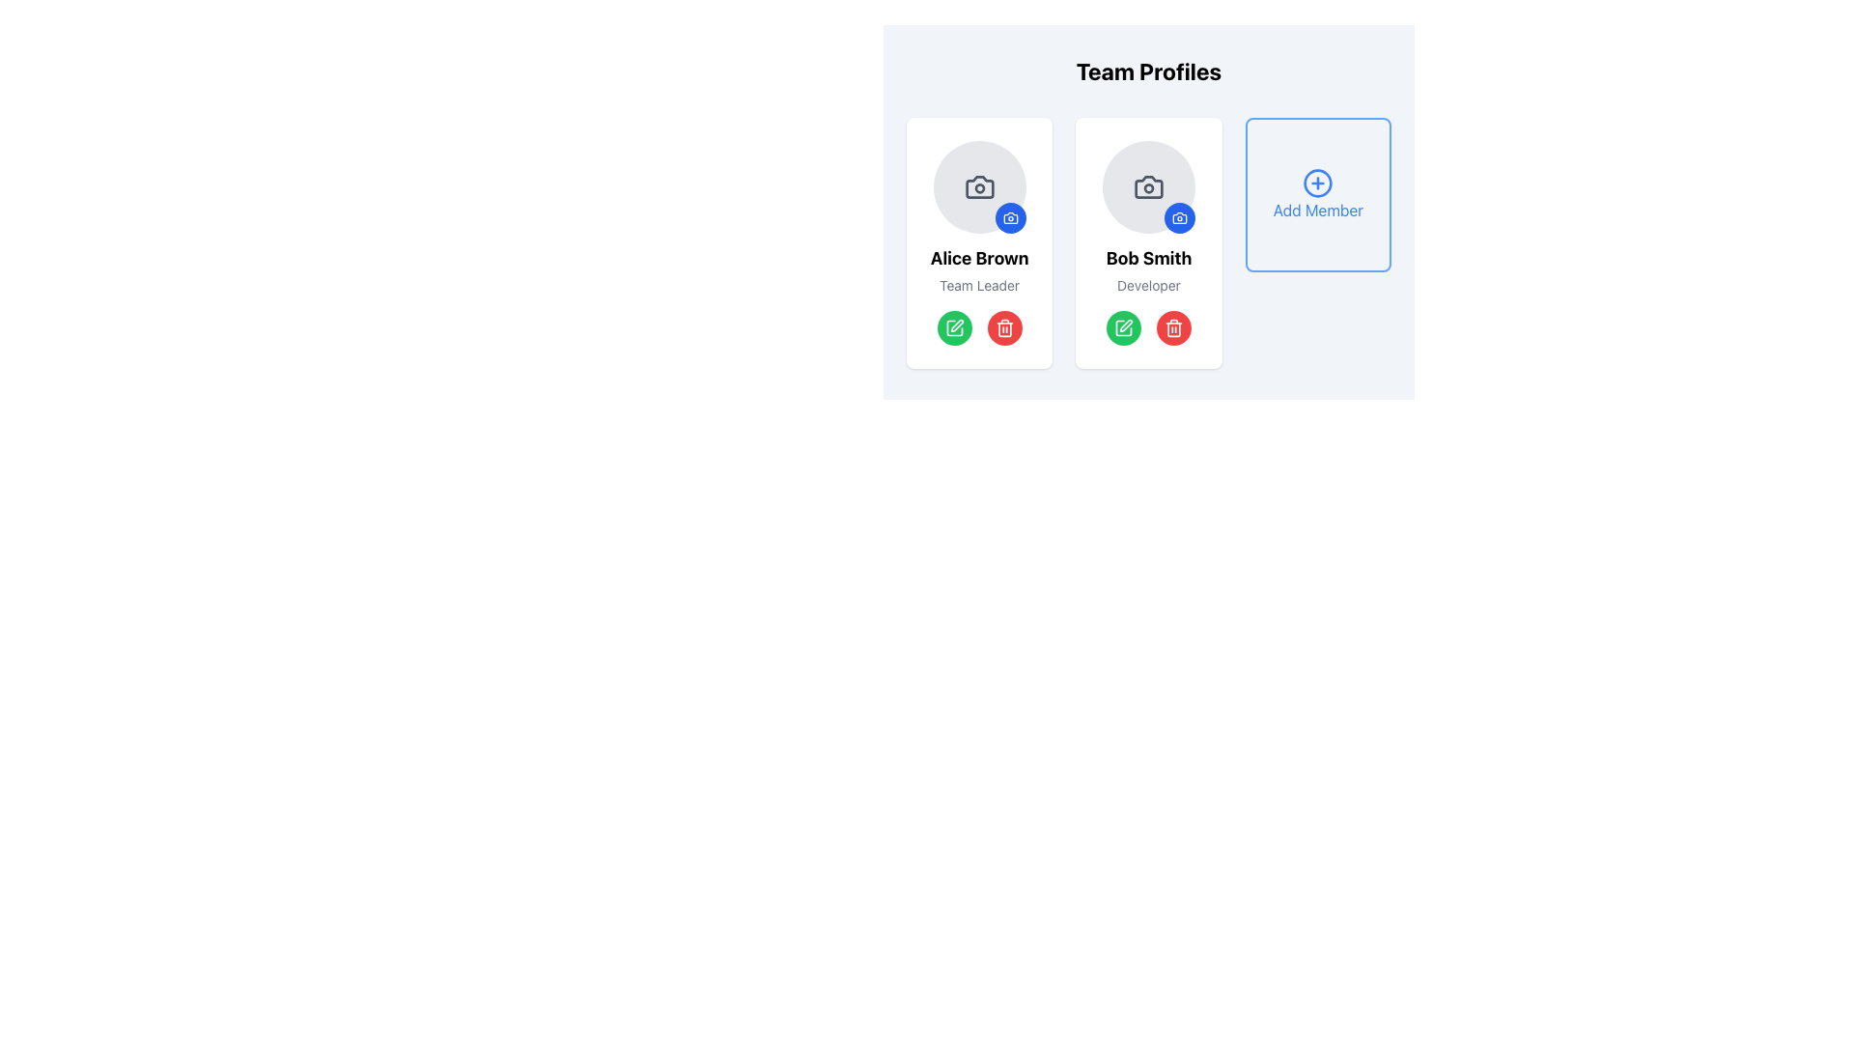 The width and height of the screenshot is (1854, 1043). I want to click on the camera icon representing Bob Smith in the Team Profiles section, which is positioned above his name and role, so click(1149, 186).